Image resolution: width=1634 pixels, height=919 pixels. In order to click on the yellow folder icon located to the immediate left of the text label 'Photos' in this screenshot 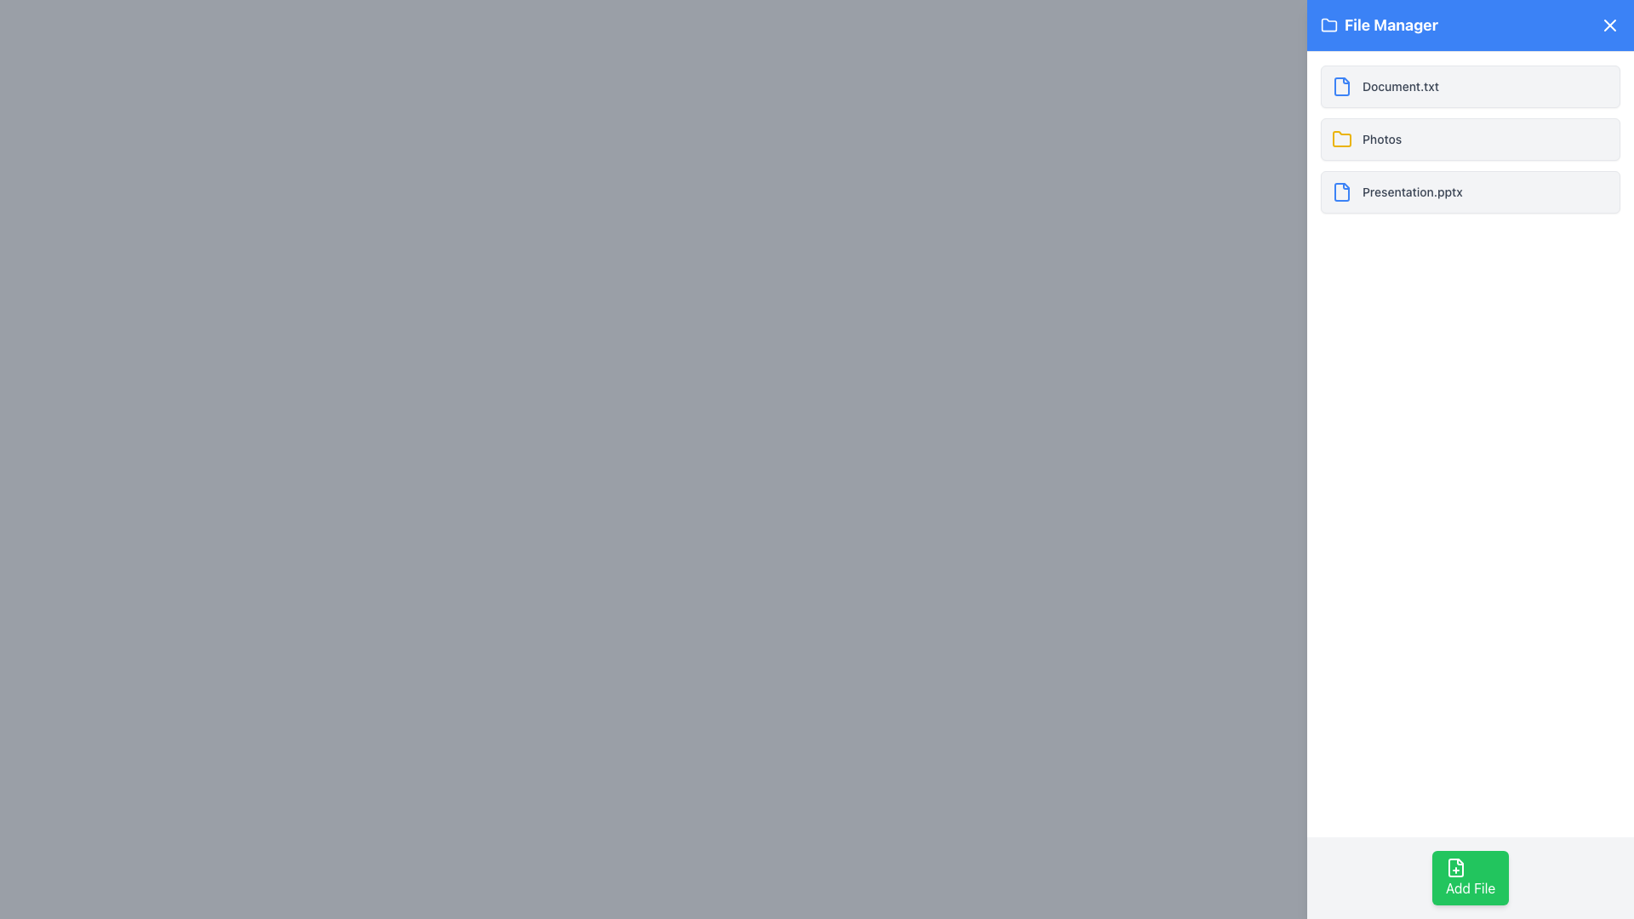, I will do `click(1341, 139)`.